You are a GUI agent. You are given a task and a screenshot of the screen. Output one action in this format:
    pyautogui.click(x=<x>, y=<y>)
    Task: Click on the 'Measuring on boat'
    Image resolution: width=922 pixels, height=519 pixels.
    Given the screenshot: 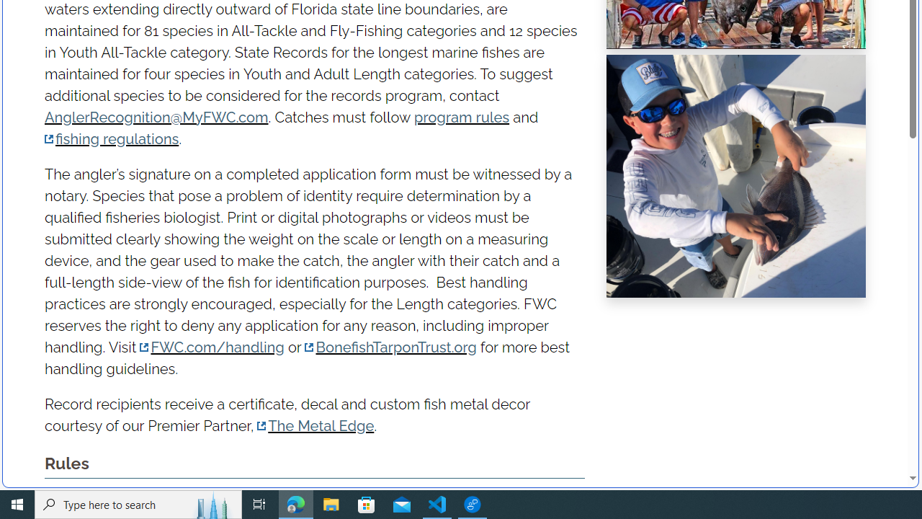 What is the action you would take?
    pyautogui.click(x=736, y=176)
    